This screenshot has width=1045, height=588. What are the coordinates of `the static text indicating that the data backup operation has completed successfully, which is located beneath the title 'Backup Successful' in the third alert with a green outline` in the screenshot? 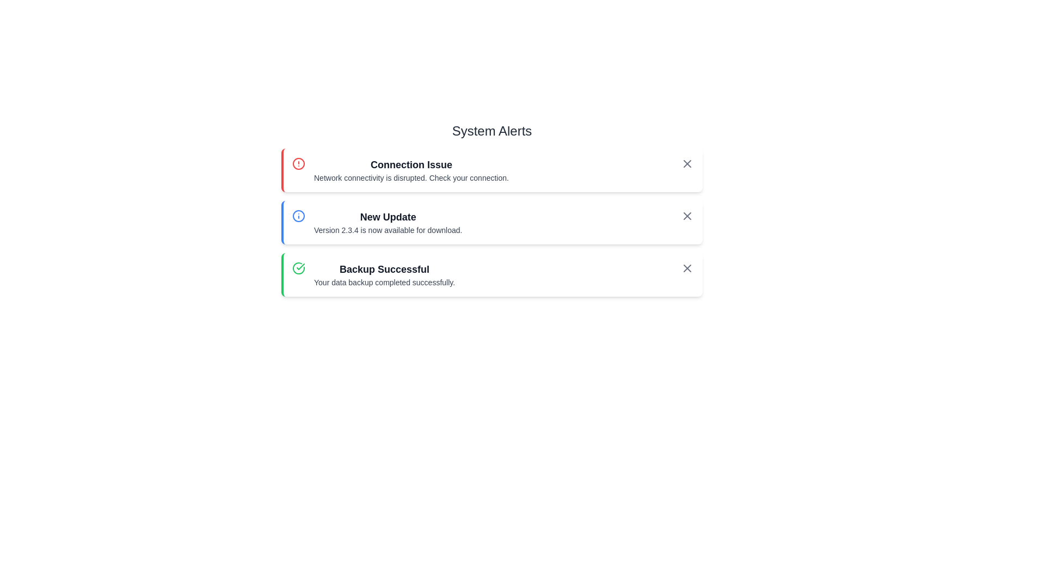 It's located at (384, 282).